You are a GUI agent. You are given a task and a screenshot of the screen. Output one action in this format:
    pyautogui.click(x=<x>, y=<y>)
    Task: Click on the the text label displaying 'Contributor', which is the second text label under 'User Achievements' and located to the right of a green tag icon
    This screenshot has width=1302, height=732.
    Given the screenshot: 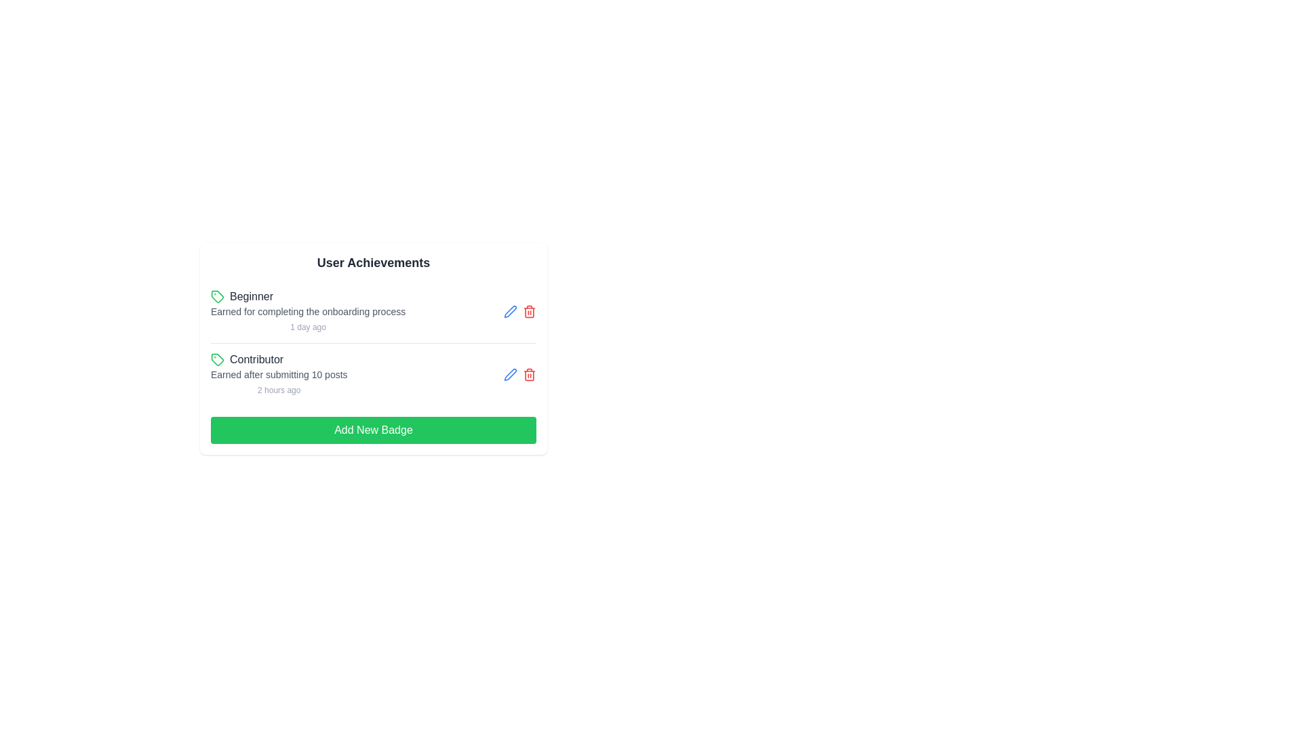 What is the action you would take?
    pyautogui.click(x=256, y=359)
    